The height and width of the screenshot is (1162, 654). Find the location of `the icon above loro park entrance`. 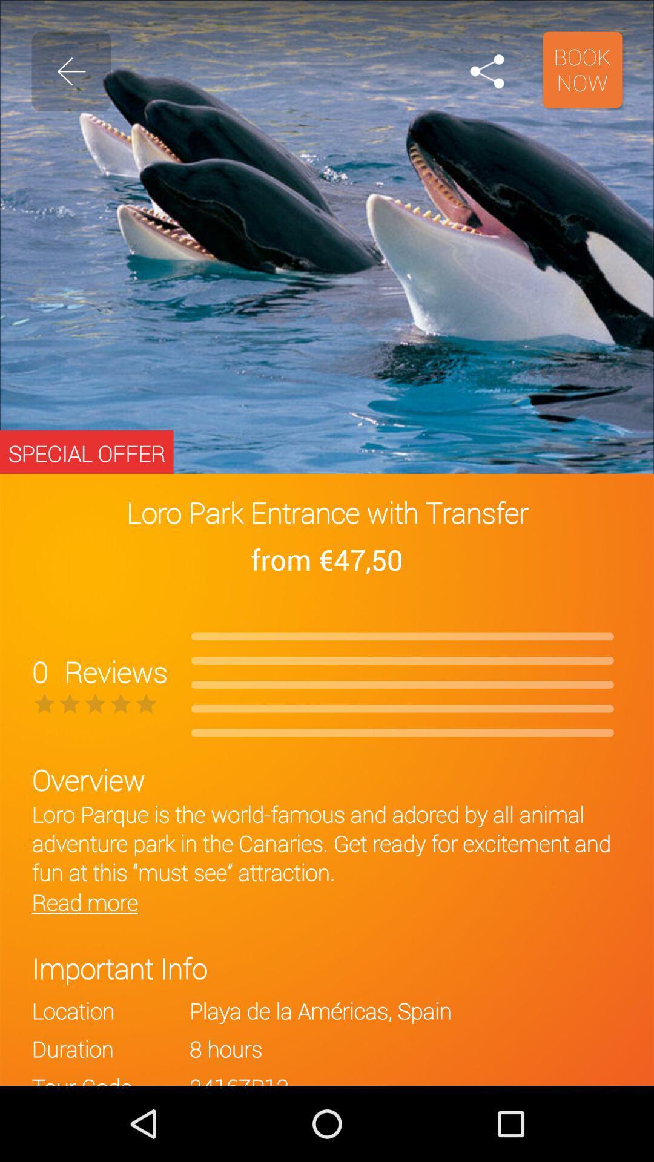

the icon above loro park entrance is located at coordinates (486, 71).